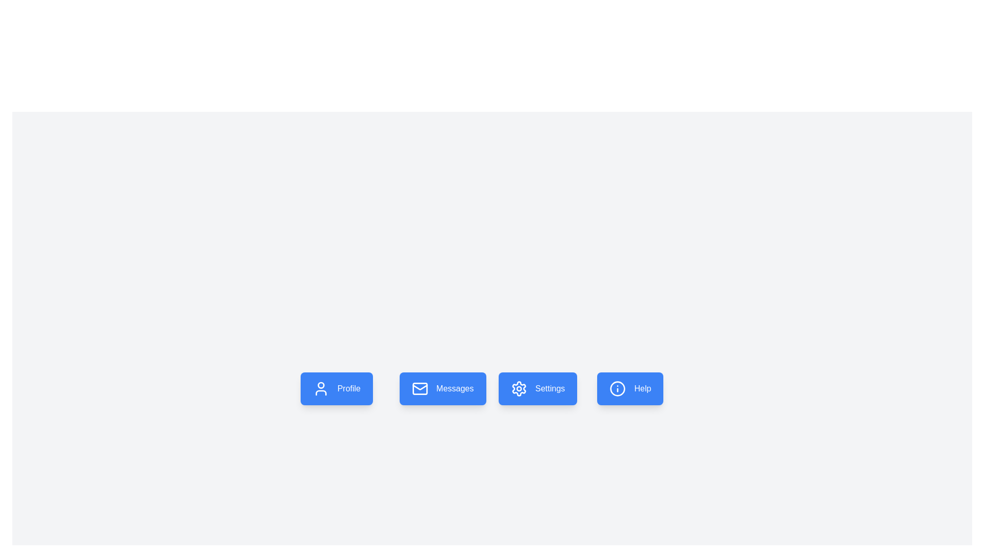  Describe the element at coordinates (541, 389) in the screenshot. I see `the 'Settings' button, which is a rectangular button with a blue background, rounded corners, featuring a gear icon on the left and the text 'Settings' in white on the right` at that location.